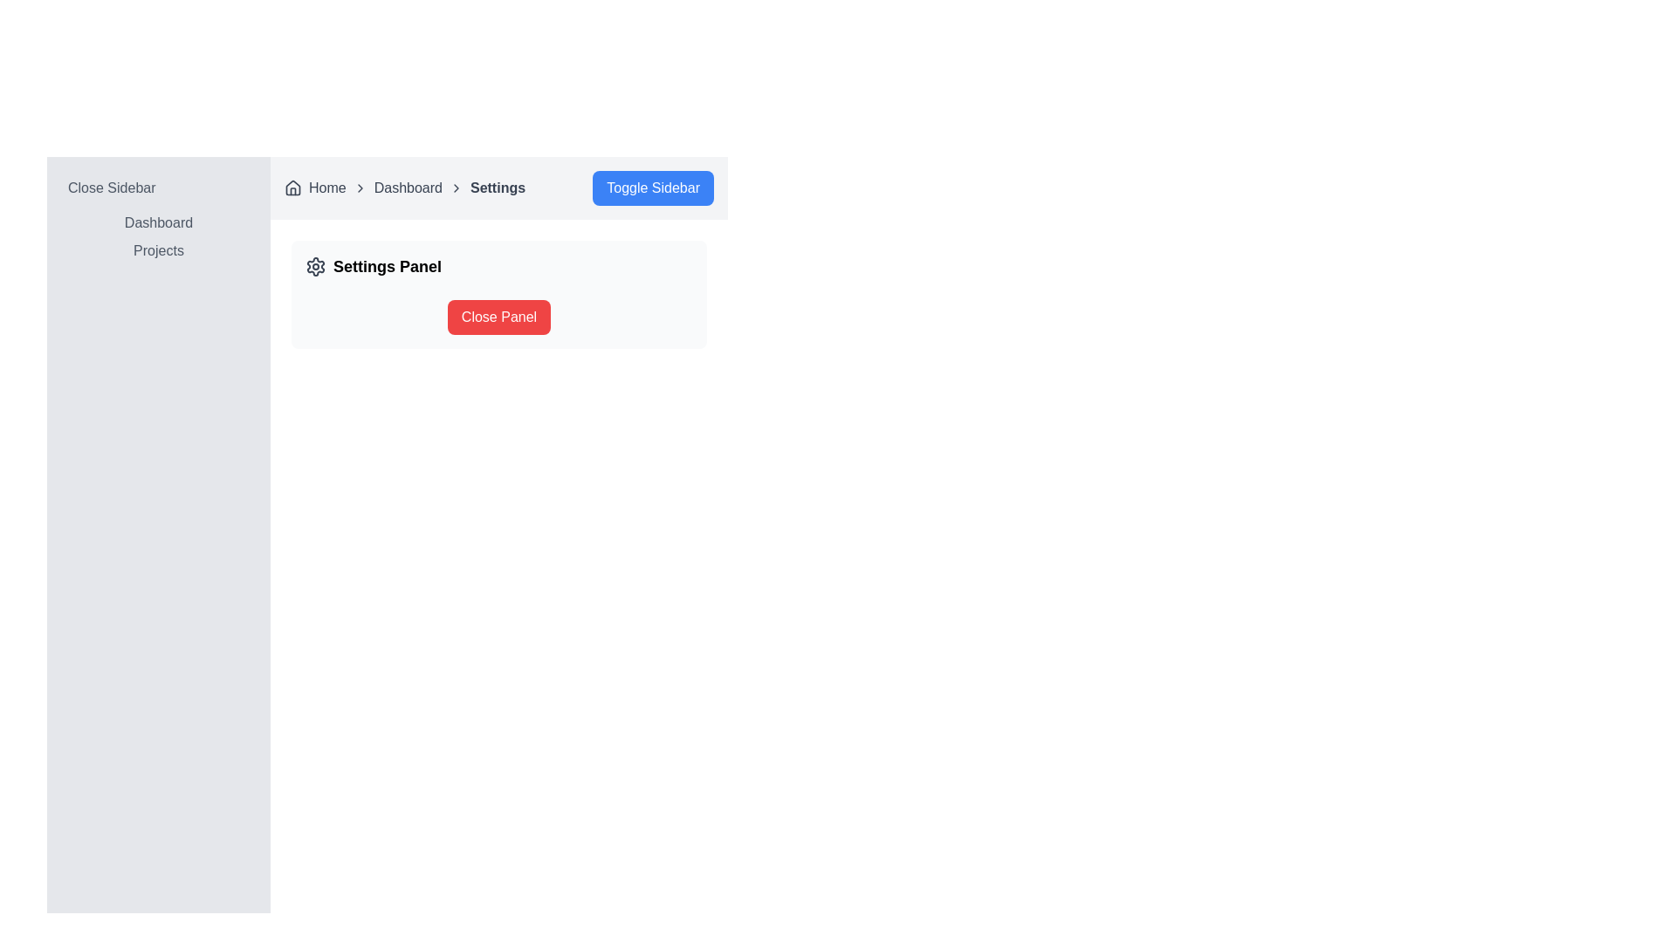  I want to click on the 'Dashboard' hyperlink in the breadcrumb navigation, so click(407, 188).